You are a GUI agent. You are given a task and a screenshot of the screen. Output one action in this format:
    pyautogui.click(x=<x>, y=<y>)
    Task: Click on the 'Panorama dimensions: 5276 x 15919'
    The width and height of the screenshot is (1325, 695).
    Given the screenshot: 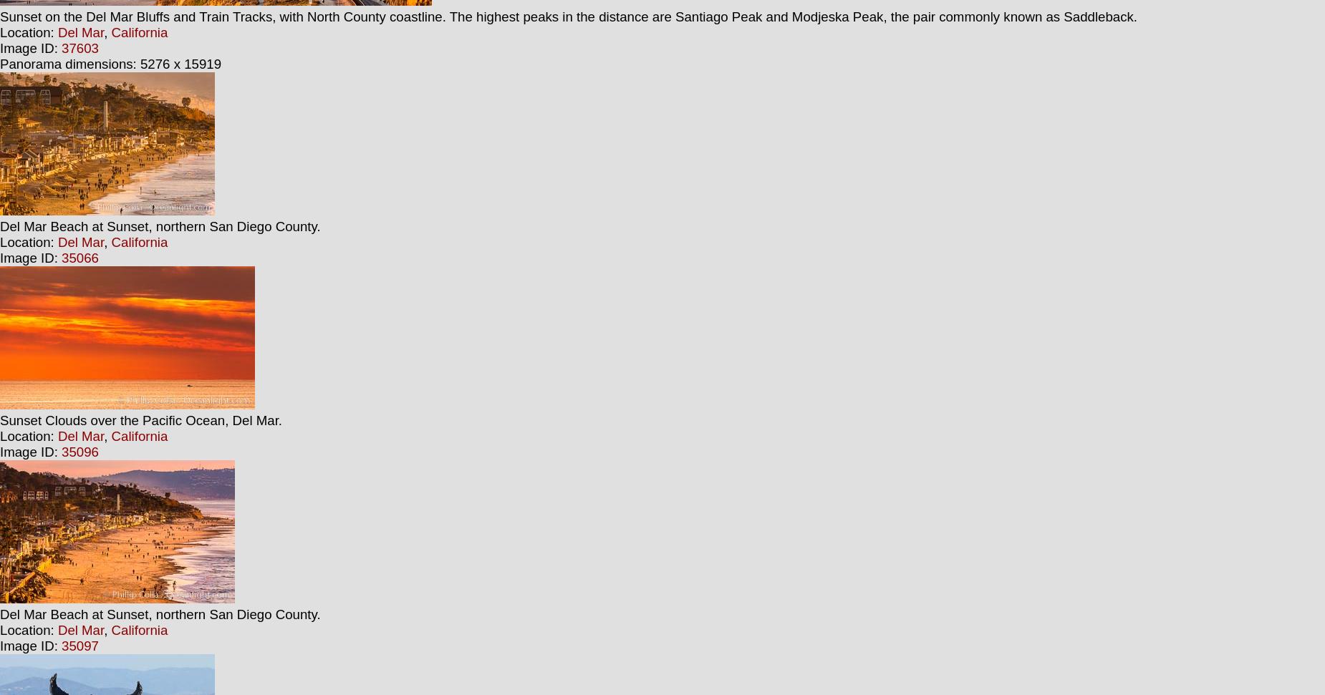 What is the action you would take?
    pyautogui.click(x=0, y=63)
    